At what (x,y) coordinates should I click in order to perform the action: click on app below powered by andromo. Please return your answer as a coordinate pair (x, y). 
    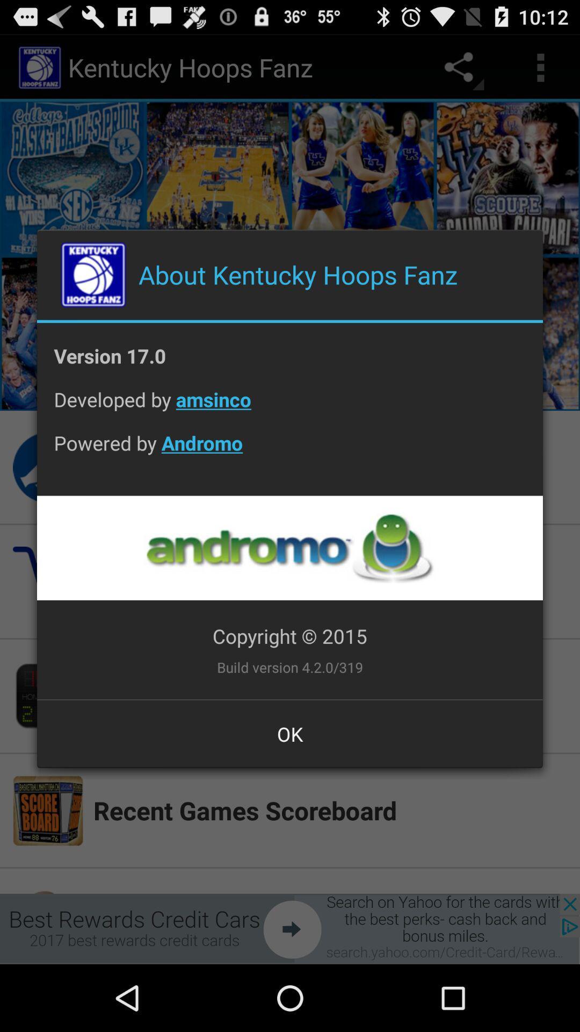
    Looking at the image, I should click on (289, 548).